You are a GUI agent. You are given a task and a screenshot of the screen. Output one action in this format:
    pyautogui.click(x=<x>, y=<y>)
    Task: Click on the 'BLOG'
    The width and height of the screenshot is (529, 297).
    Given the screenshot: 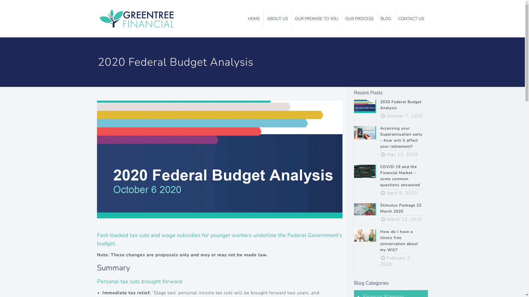 What is the action you would take?
    pyautogui.click(x=386, y=18)
    